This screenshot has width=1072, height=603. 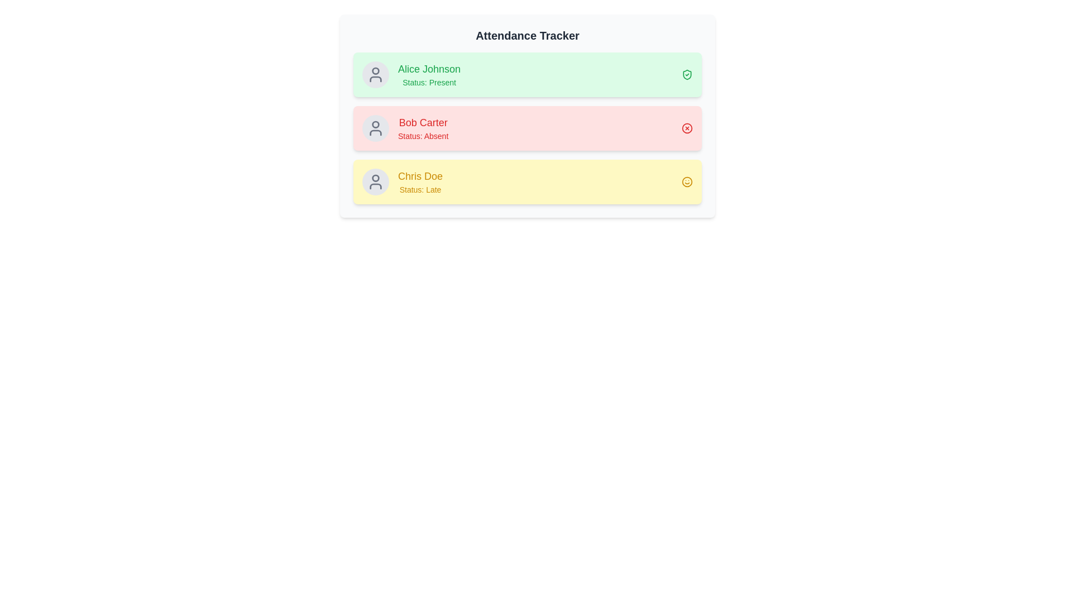 I want to click on the user profile icon representing 'Chris Doe' in the yellow section of the 'Attendance Tracker' interface, so click(x=375, y=181).